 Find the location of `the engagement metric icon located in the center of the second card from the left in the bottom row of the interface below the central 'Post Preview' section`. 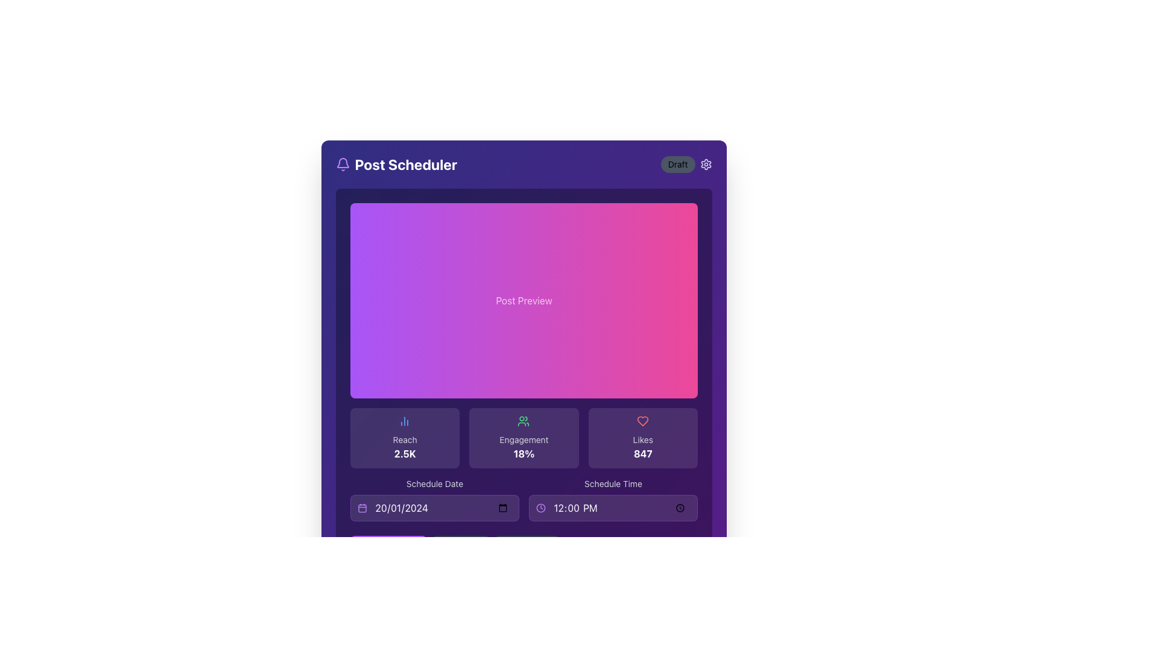

the engagement metric icon located in the center of the second card from the left in the bottom row of the interface below the central 'Post Preview' section is located at coordinates (524, 420).